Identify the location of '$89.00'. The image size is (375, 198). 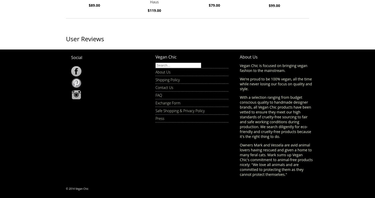
(89, 5).